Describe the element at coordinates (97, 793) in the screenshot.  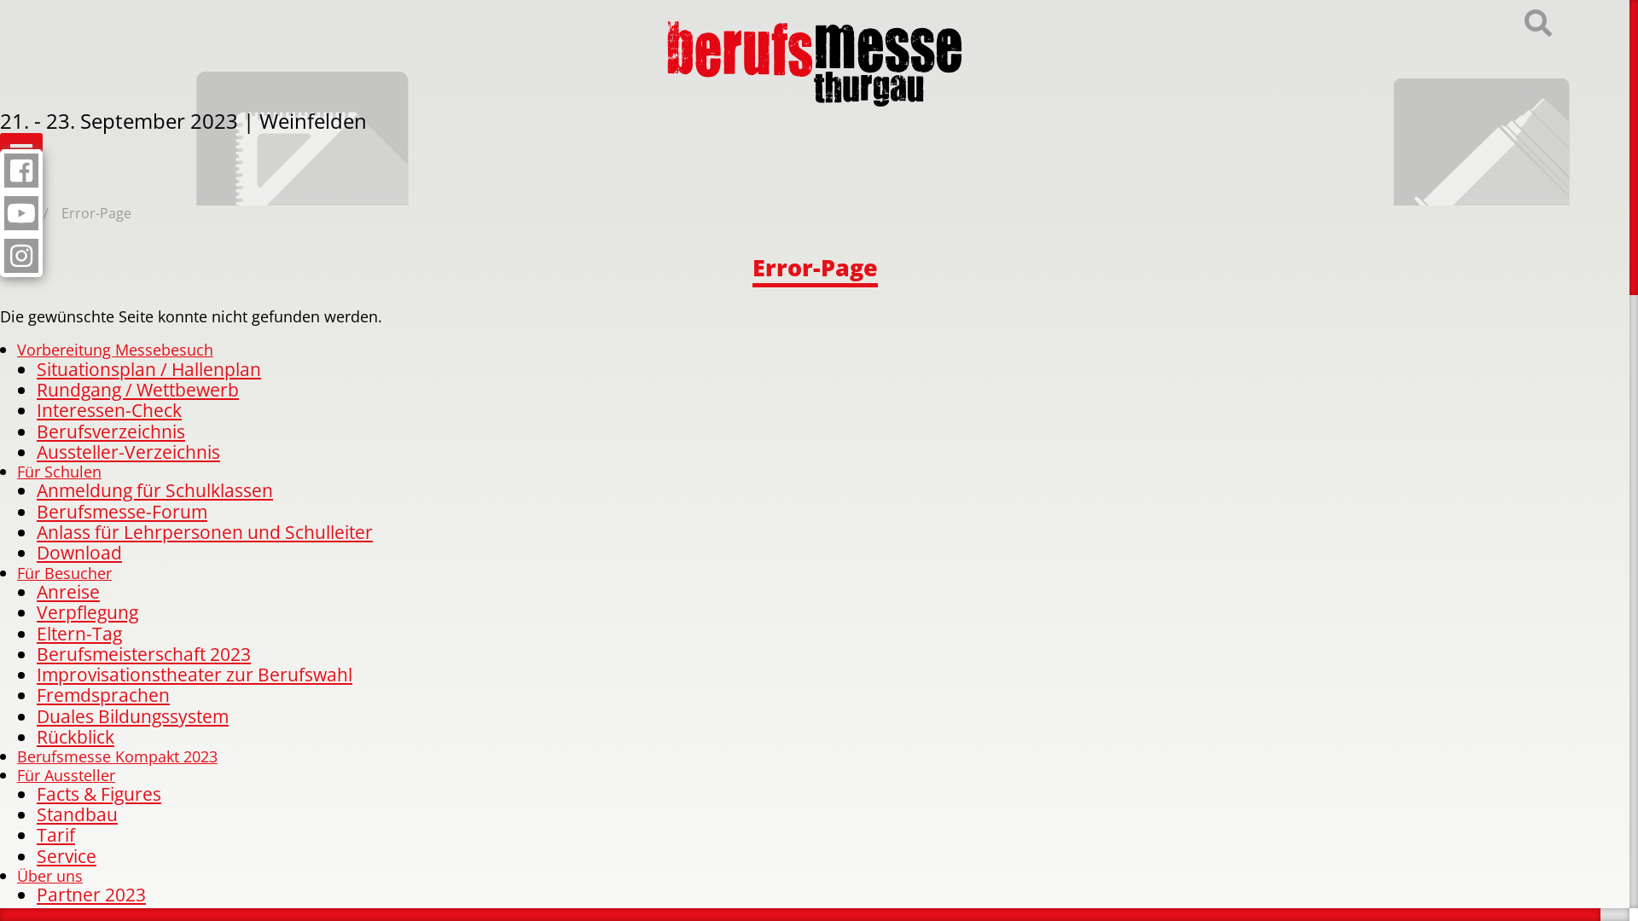
I see `'Facts & Figures'` at that location.